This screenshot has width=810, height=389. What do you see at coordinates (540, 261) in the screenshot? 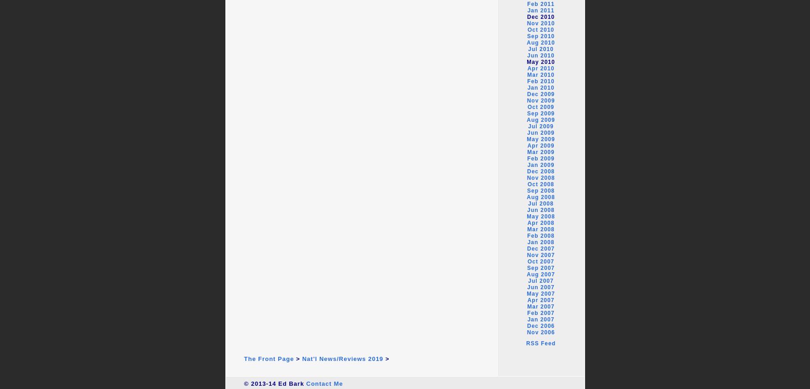
I see `'Oct 2007'` at bounding box center [540, 261].